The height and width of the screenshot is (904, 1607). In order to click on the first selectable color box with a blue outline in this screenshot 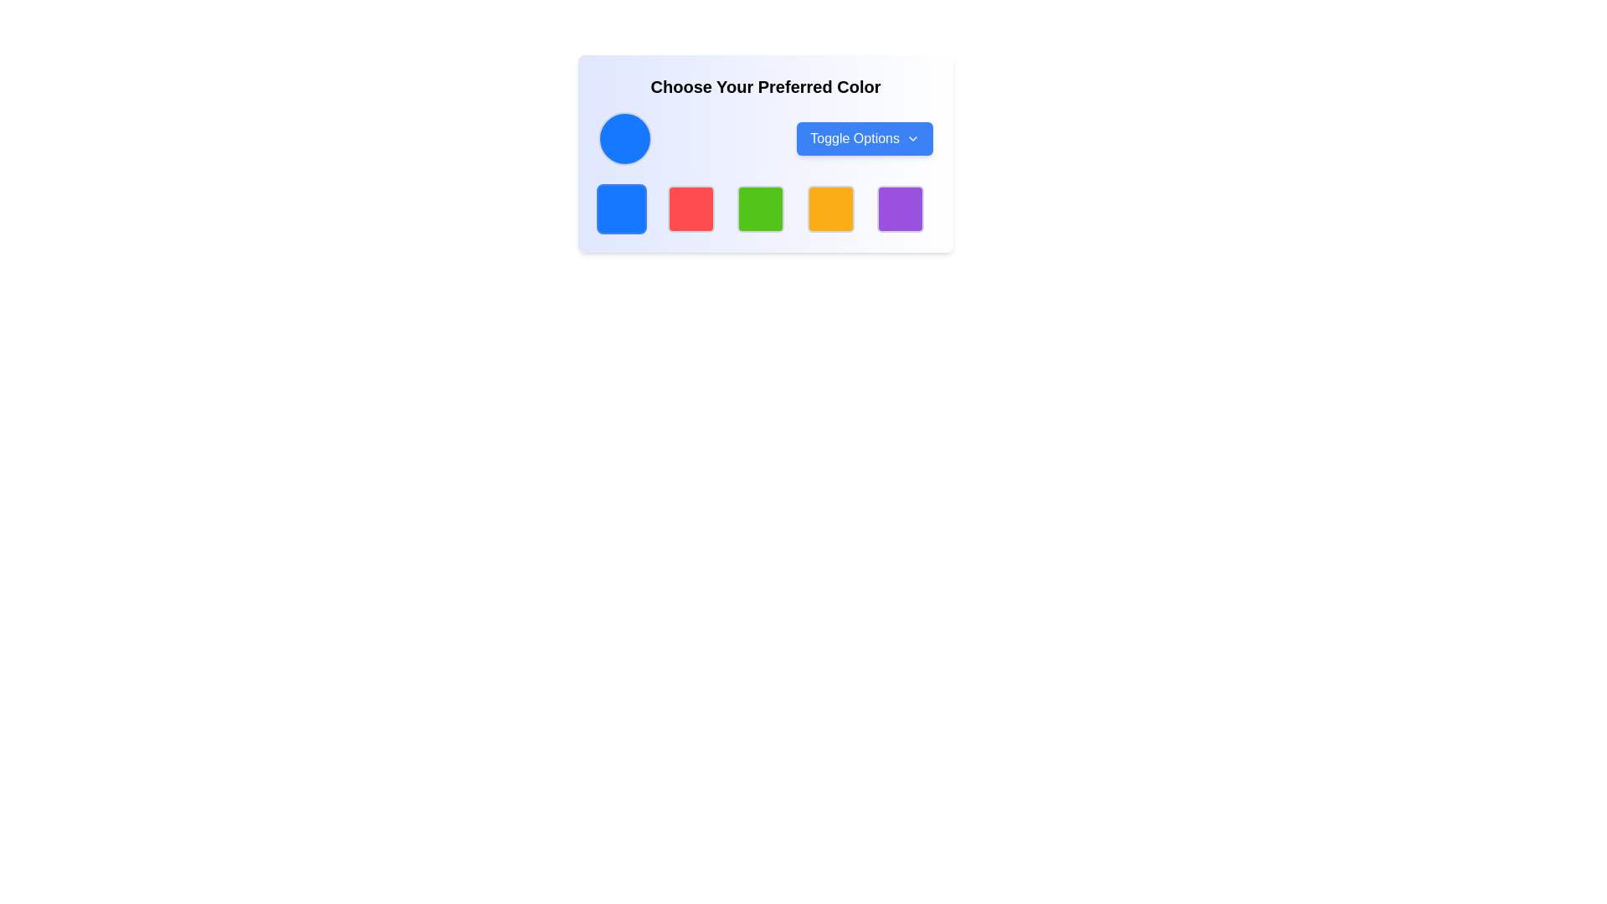, I will do `click(621, 208)`.